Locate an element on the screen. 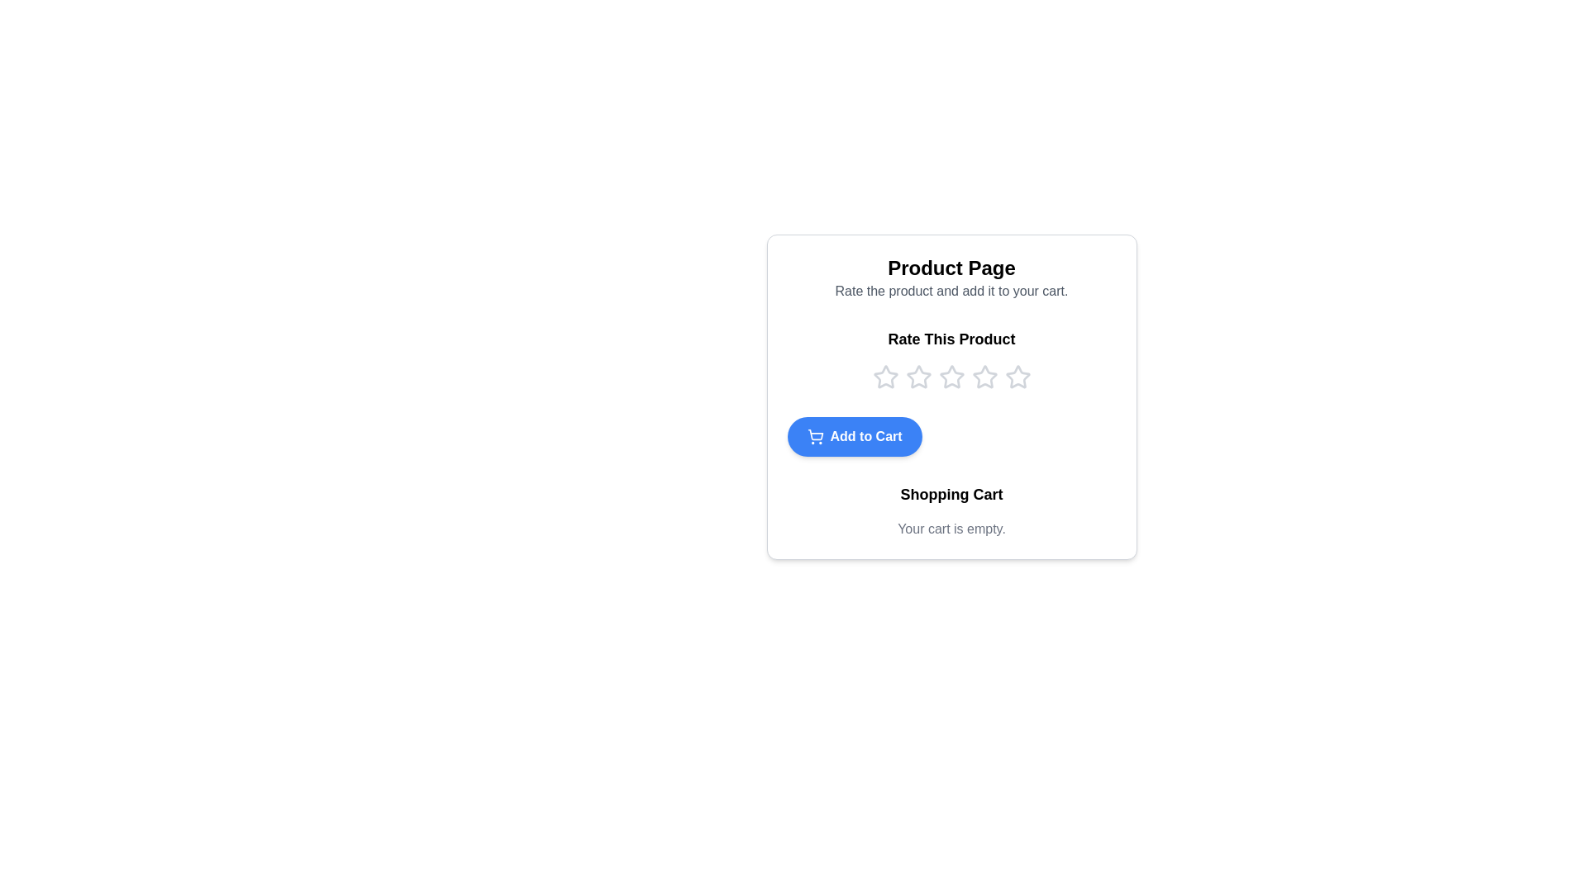 Image resolution: width=1587 pixels, height=892 pixels. the fourth star icon in the horizontal group of five stars is located at coordinates (984, 377).